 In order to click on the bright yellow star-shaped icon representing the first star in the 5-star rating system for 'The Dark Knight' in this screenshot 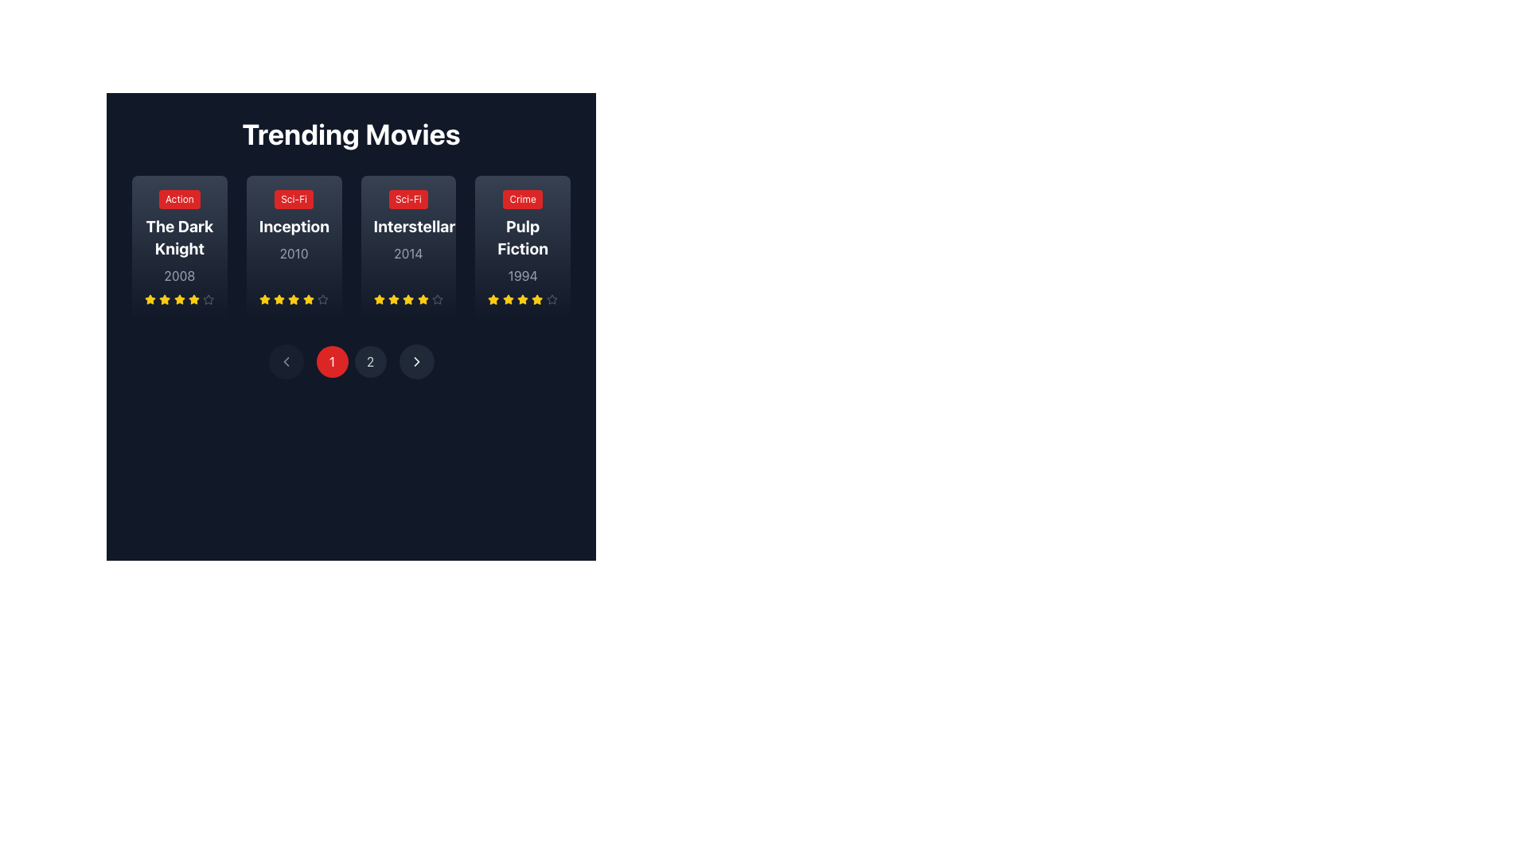, I will do `click(150, 299)`.